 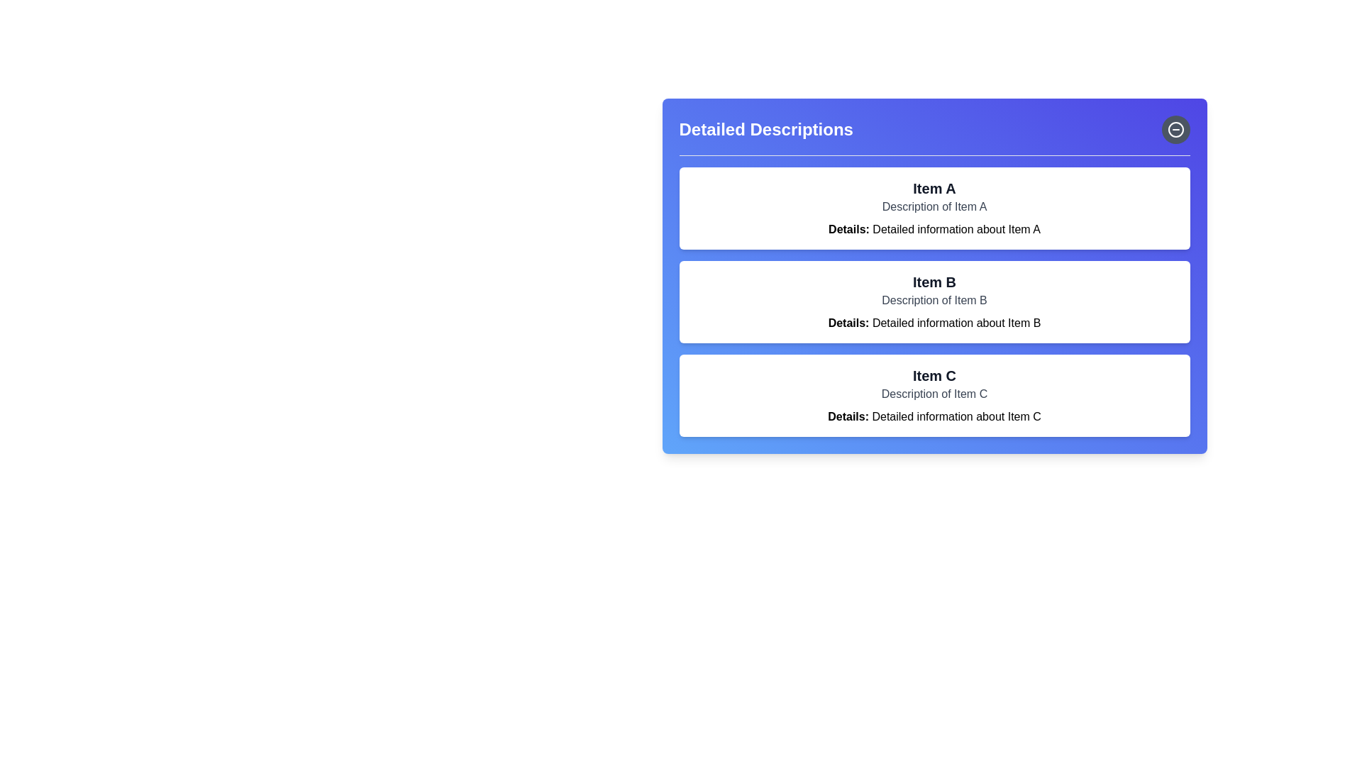 What do you see at coordinates (934, 207) in the screenshot?
I see `the text element displaying 'Description of Item A', which is styled in gray and located within the first card under the heading 'Item A'` at bounding box center [934, 207].